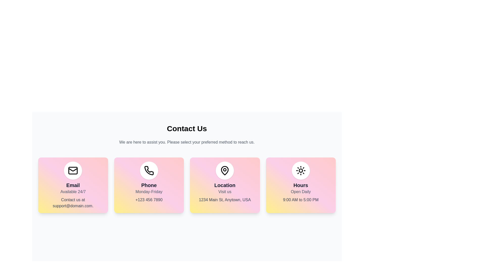  Describe the element at coordinates (149, 170) in the screenshot. I see `the 'Phone' icon, which is centered at the top of the second card in a horizontal row of four cards, visually representing the contact method for phone communication` at that location.